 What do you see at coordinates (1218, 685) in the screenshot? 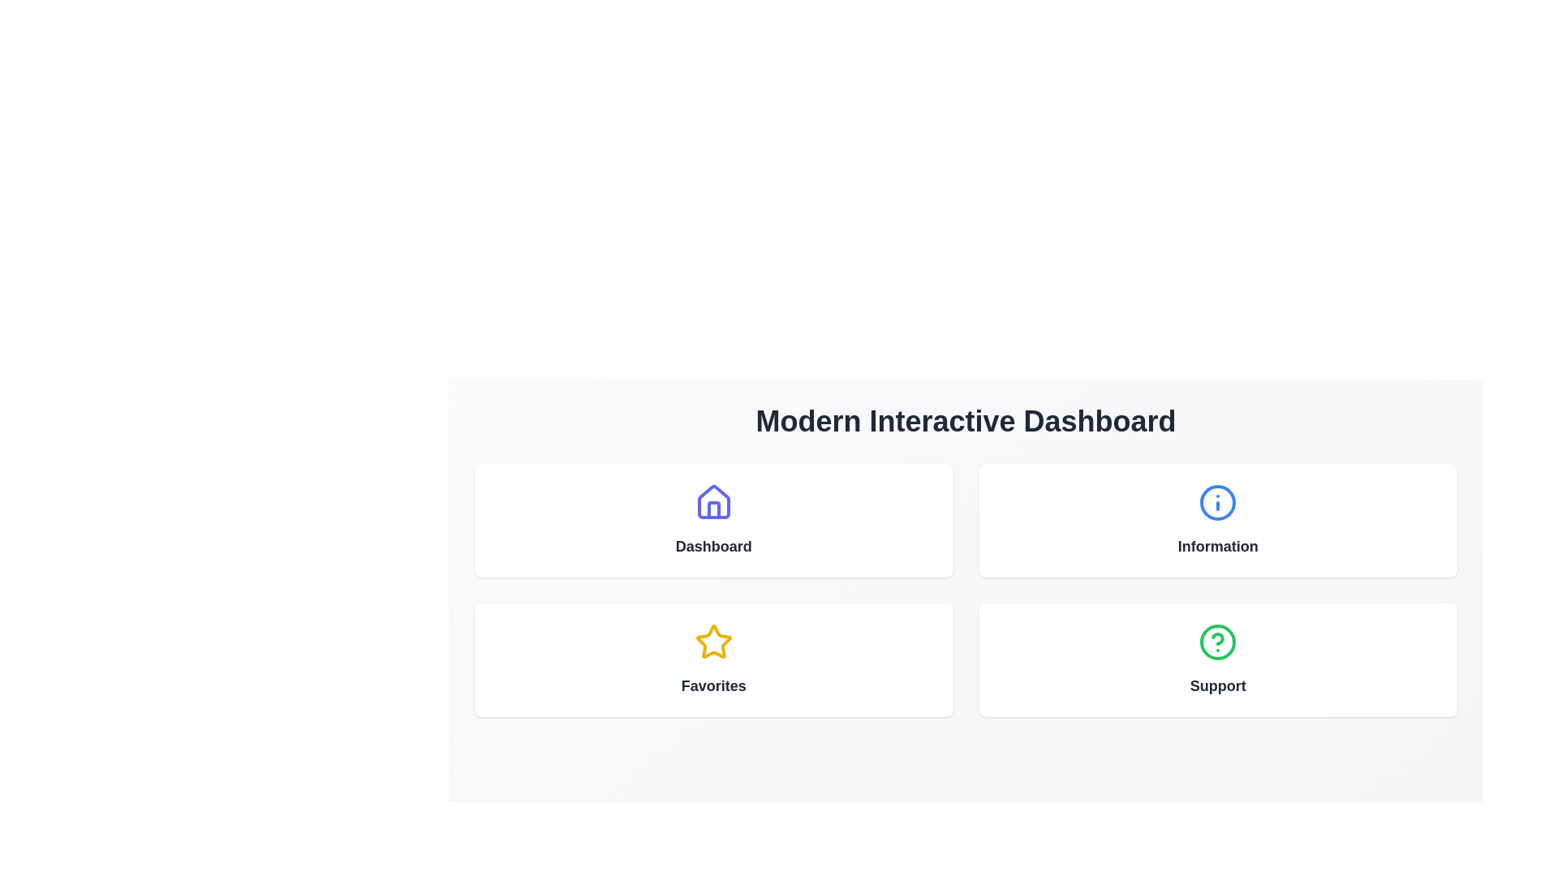
I see `the label that describes the purpose of the corresponding support-related card, located in the bottom-right card of the grid, beneath a green question mark icon` at bounding box center [1218, 685].